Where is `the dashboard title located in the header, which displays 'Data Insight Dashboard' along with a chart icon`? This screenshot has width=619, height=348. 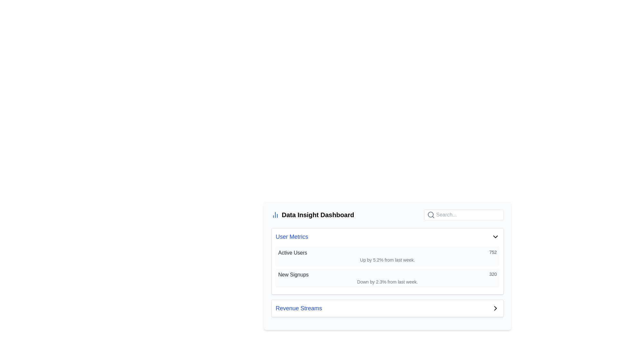
the dashboard title located in the header, which displays 'Data Insight Dashboard' along with a chart icon is located at coordinates (387, 215).